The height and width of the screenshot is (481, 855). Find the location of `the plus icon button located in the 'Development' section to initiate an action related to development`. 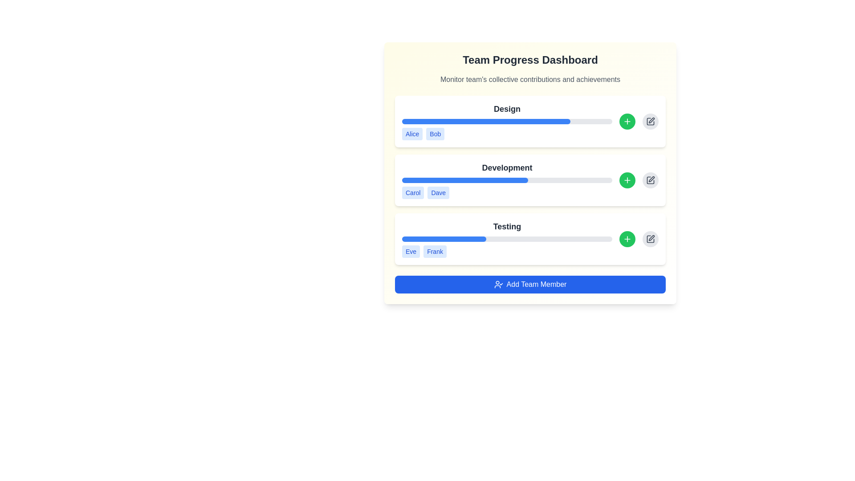

the plus icon button located in the 'Development' section to initiate an action related to development is located at coordinates (627, 180).